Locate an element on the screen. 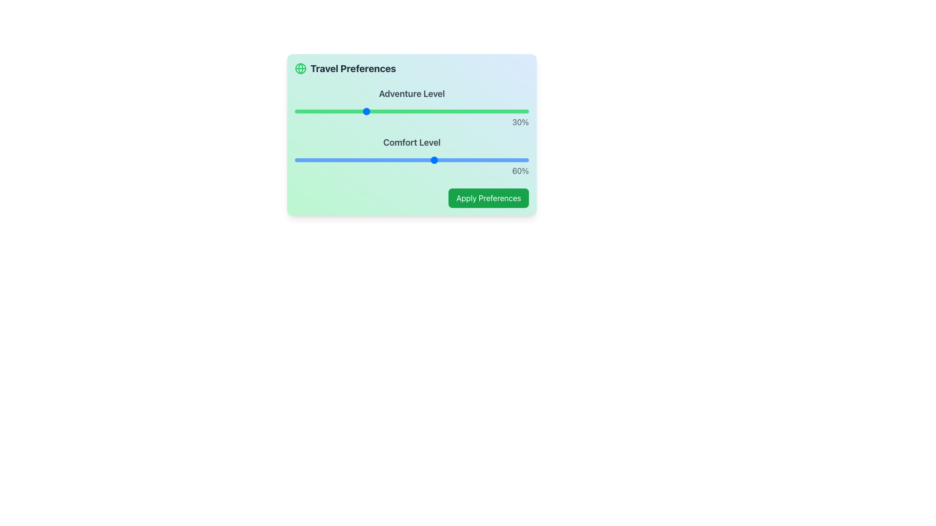  text label displaying '30%' which represents the slider value for the Adventure Level is located at coordinates (411, 121).